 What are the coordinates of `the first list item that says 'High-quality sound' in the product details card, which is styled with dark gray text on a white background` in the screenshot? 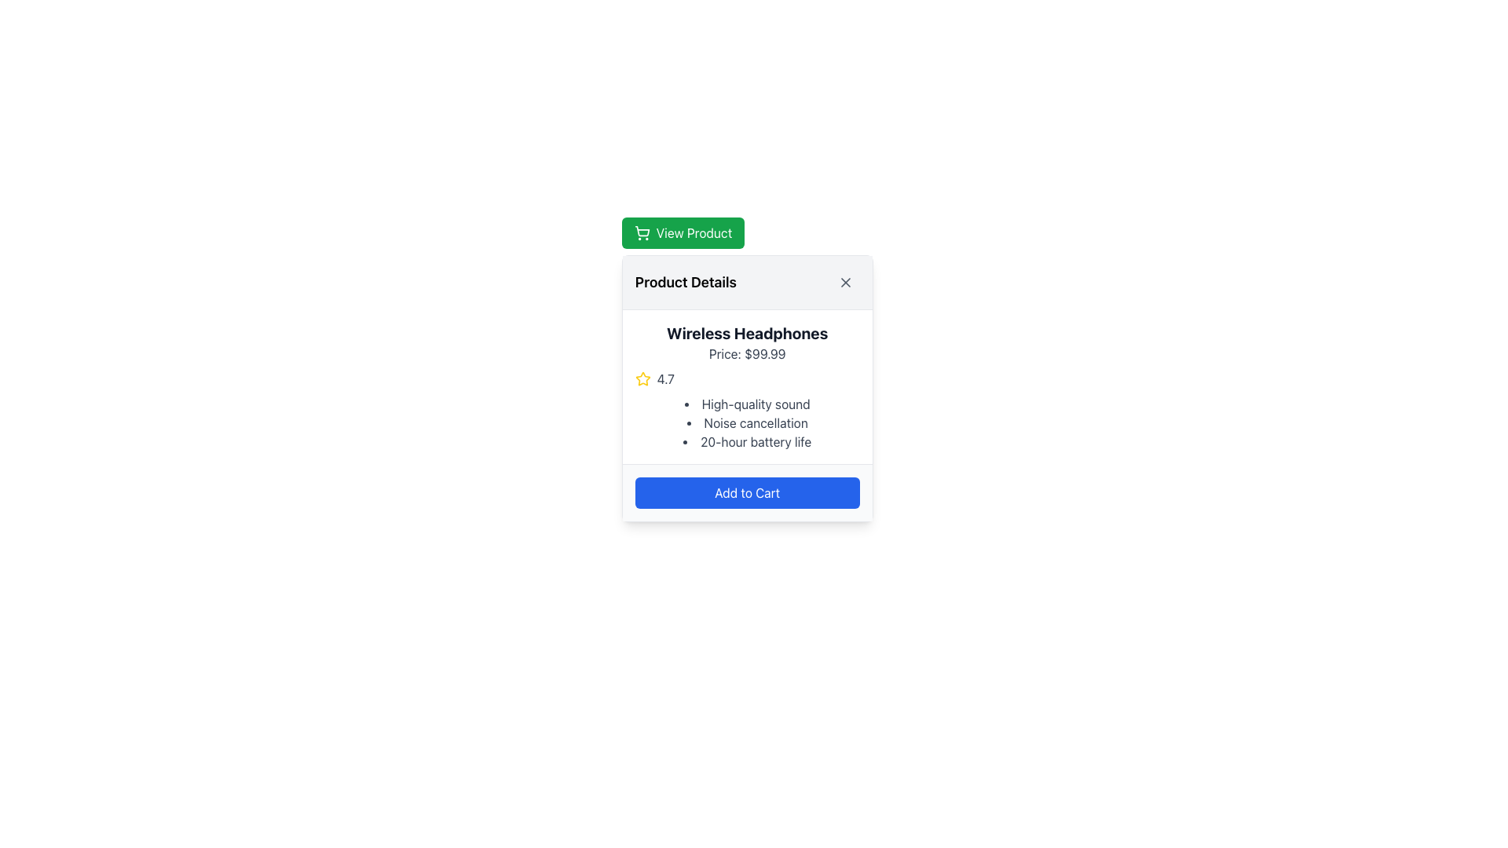 It's located at (746, 404).